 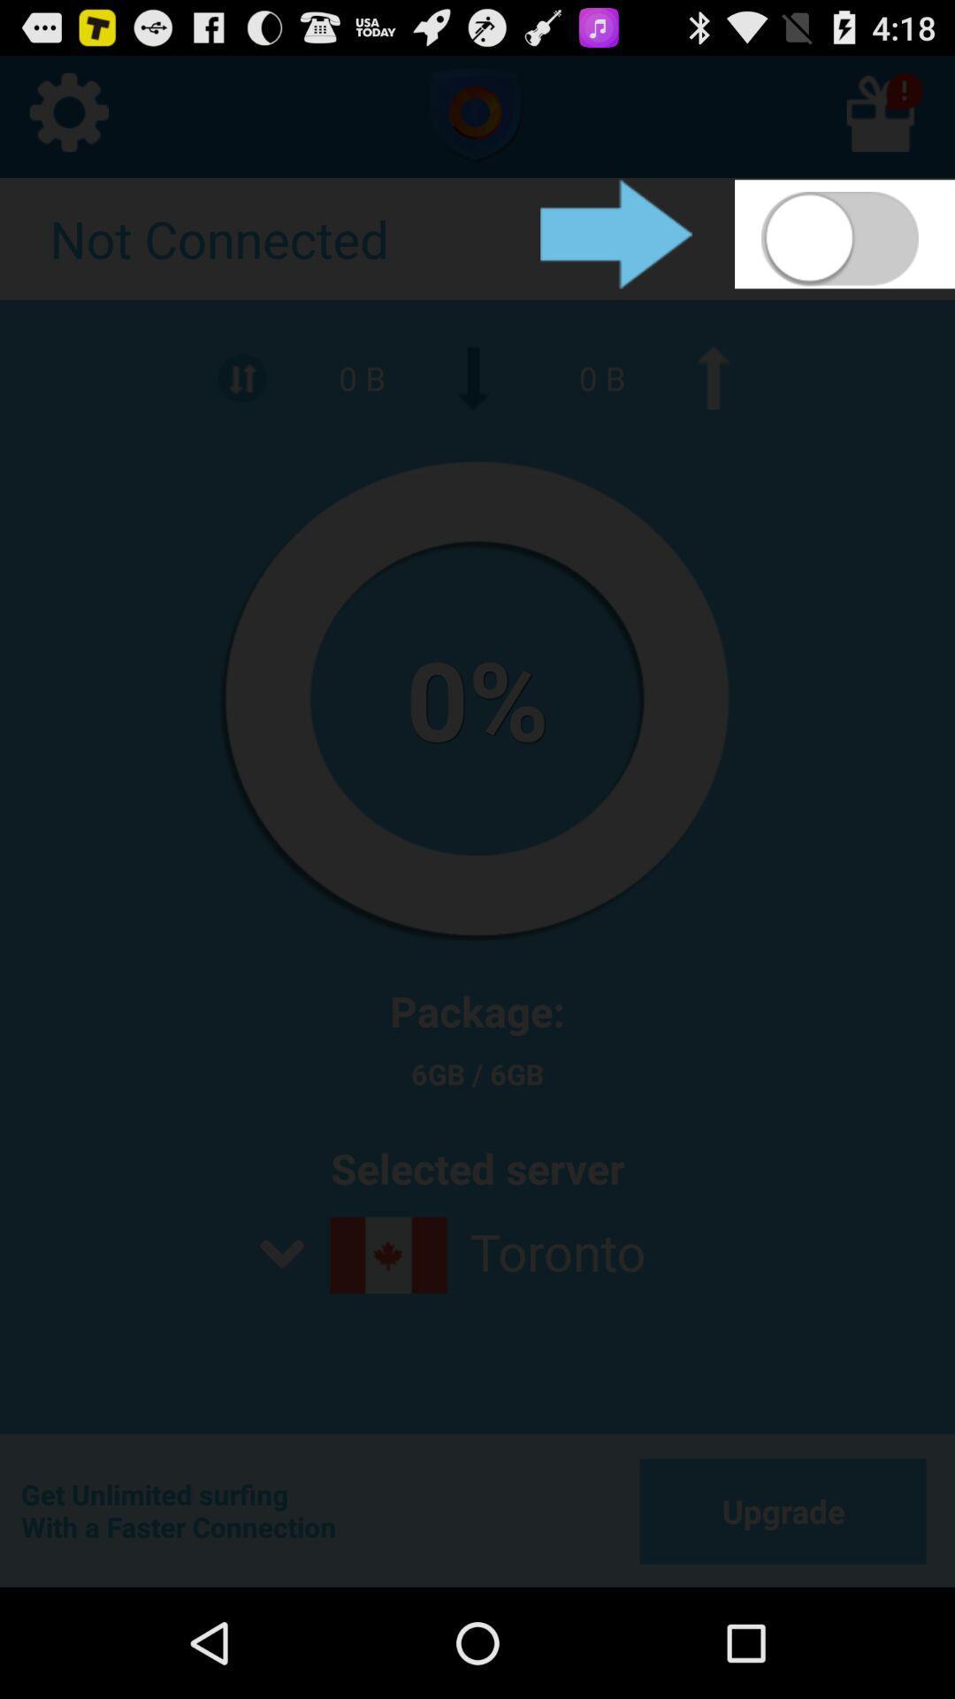 What do you see at coordinates (844, 233) in the screenshot?
I see `turn on mobile data` at bounding box center [844, 233].